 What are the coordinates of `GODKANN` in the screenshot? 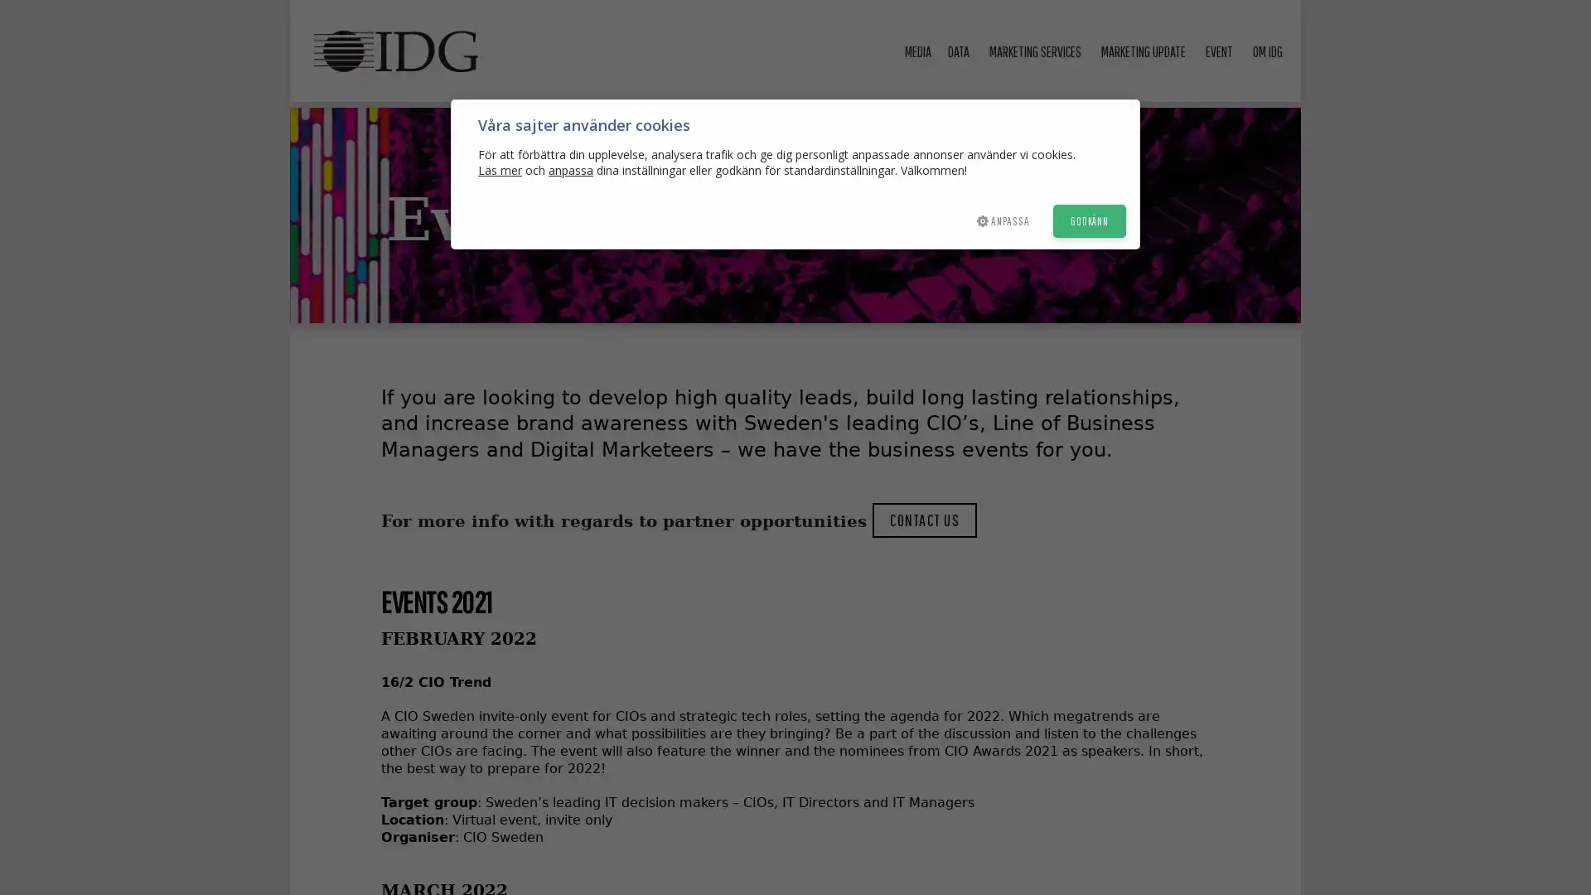 It's located at (1089, 220).